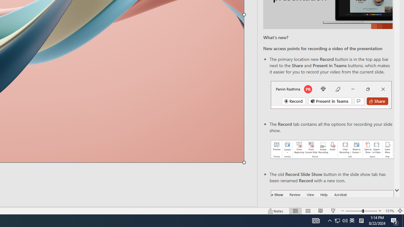 The width and height of the screenshot is (404, 227). What do you see at coordinates (320, 211) in the screenshot?
I see `'Reading View'` at bounding box center [320, 211].